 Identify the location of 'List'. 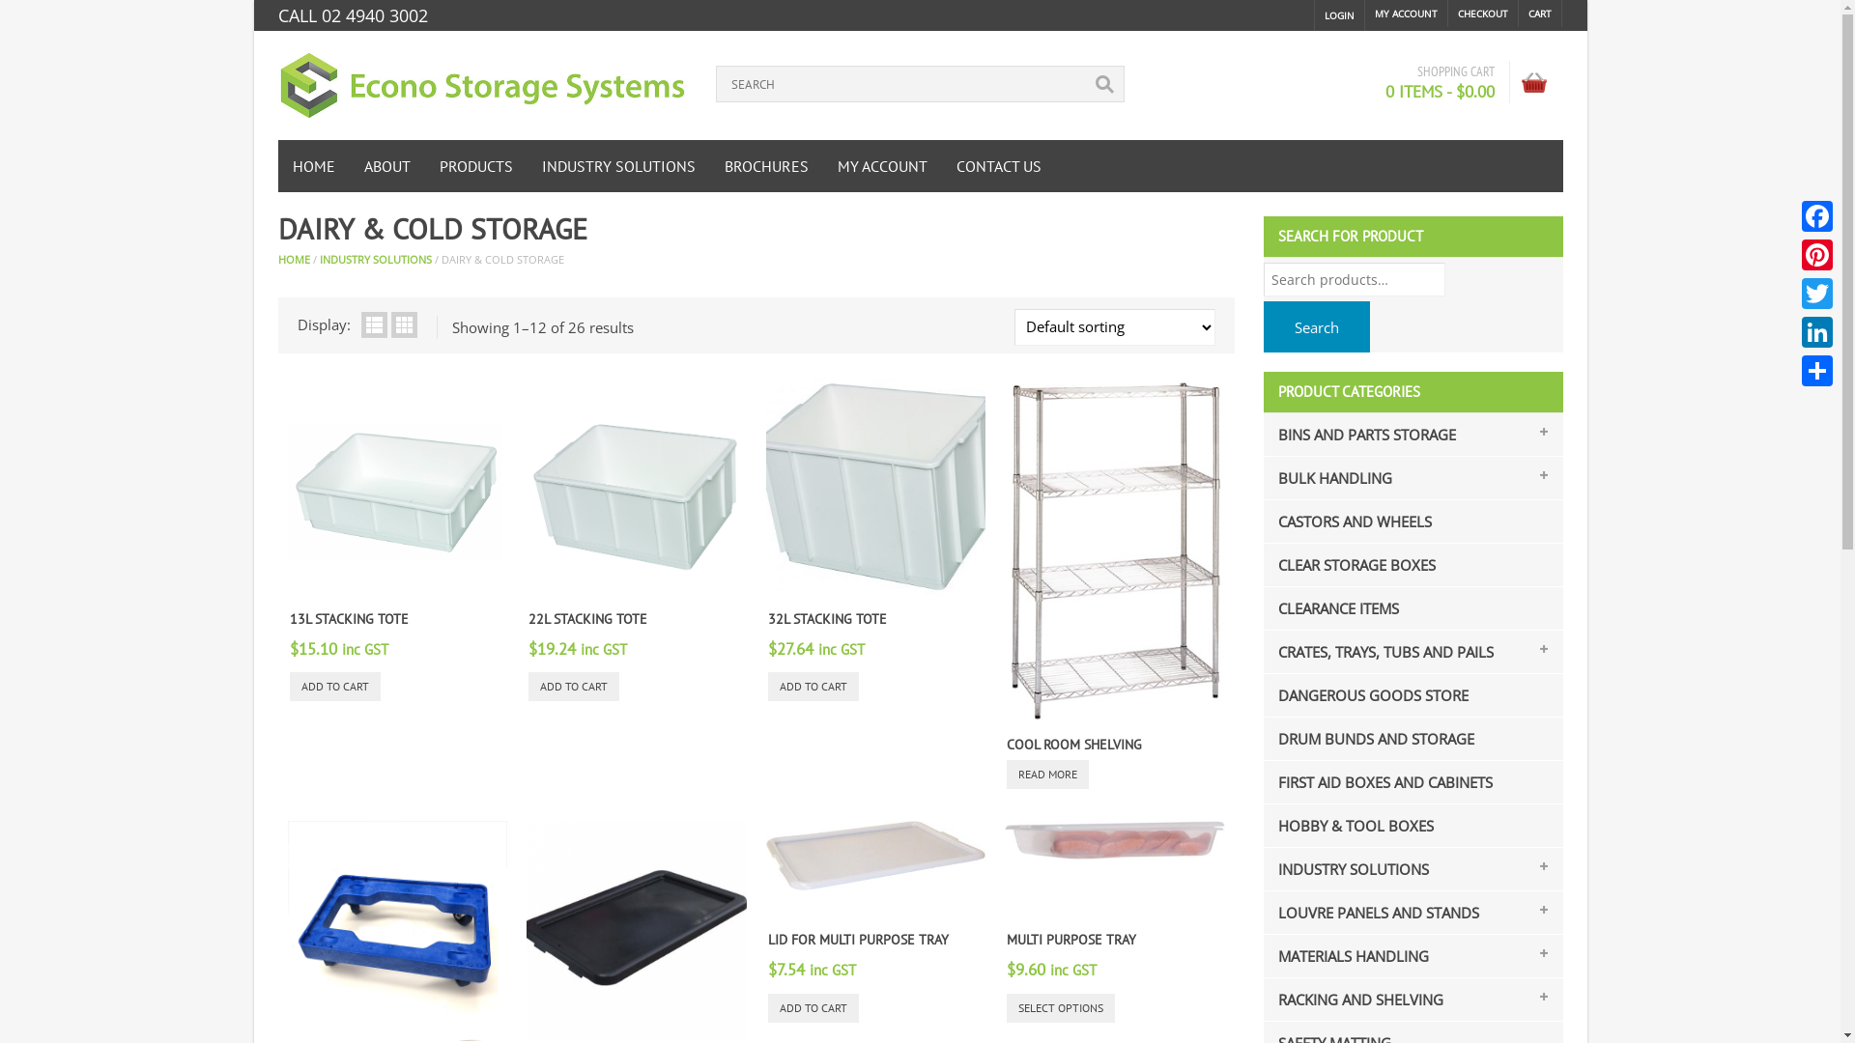
(374, 324).